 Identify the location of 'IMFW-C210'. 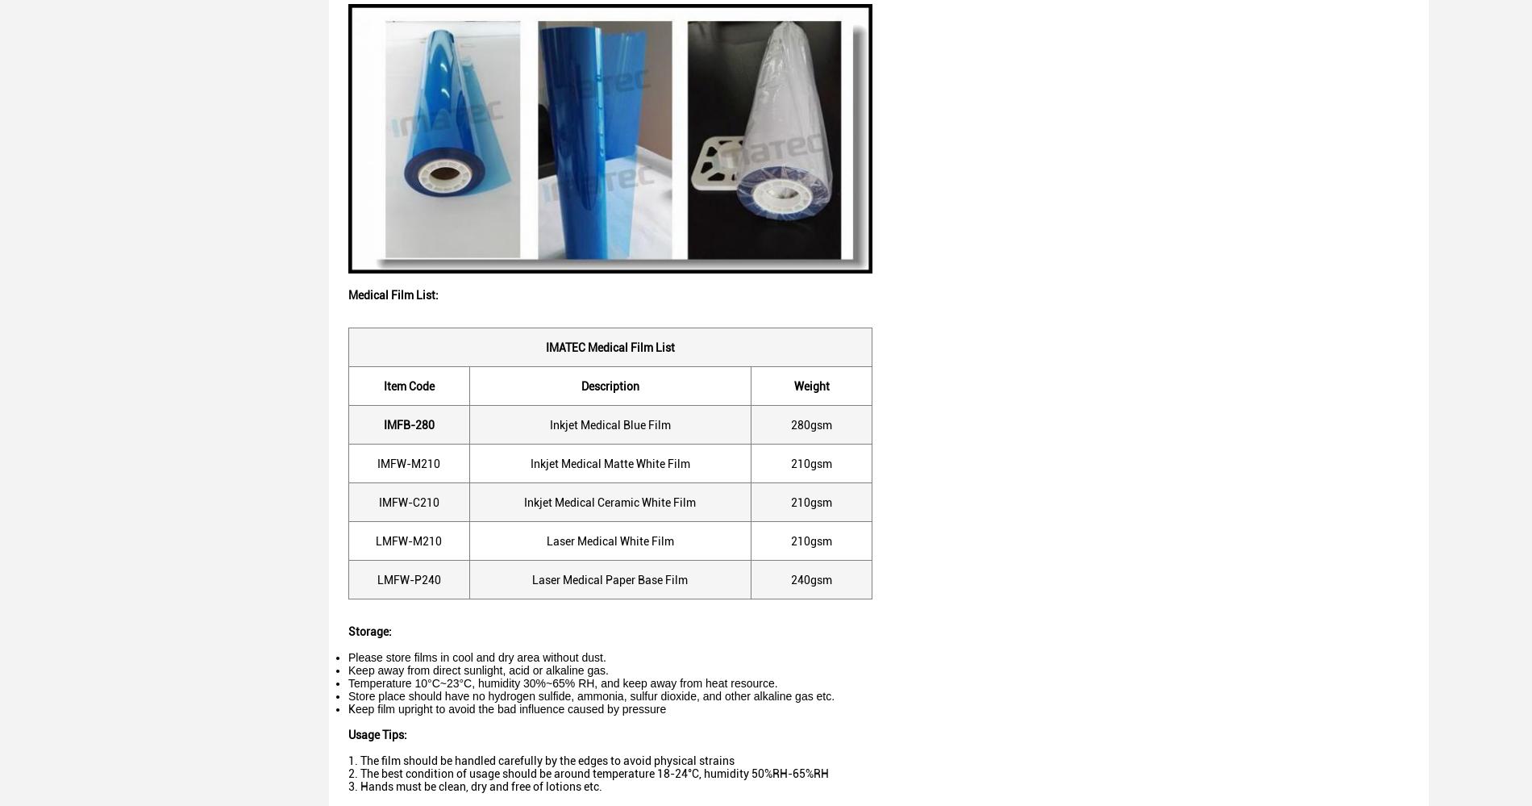
(408, 500).